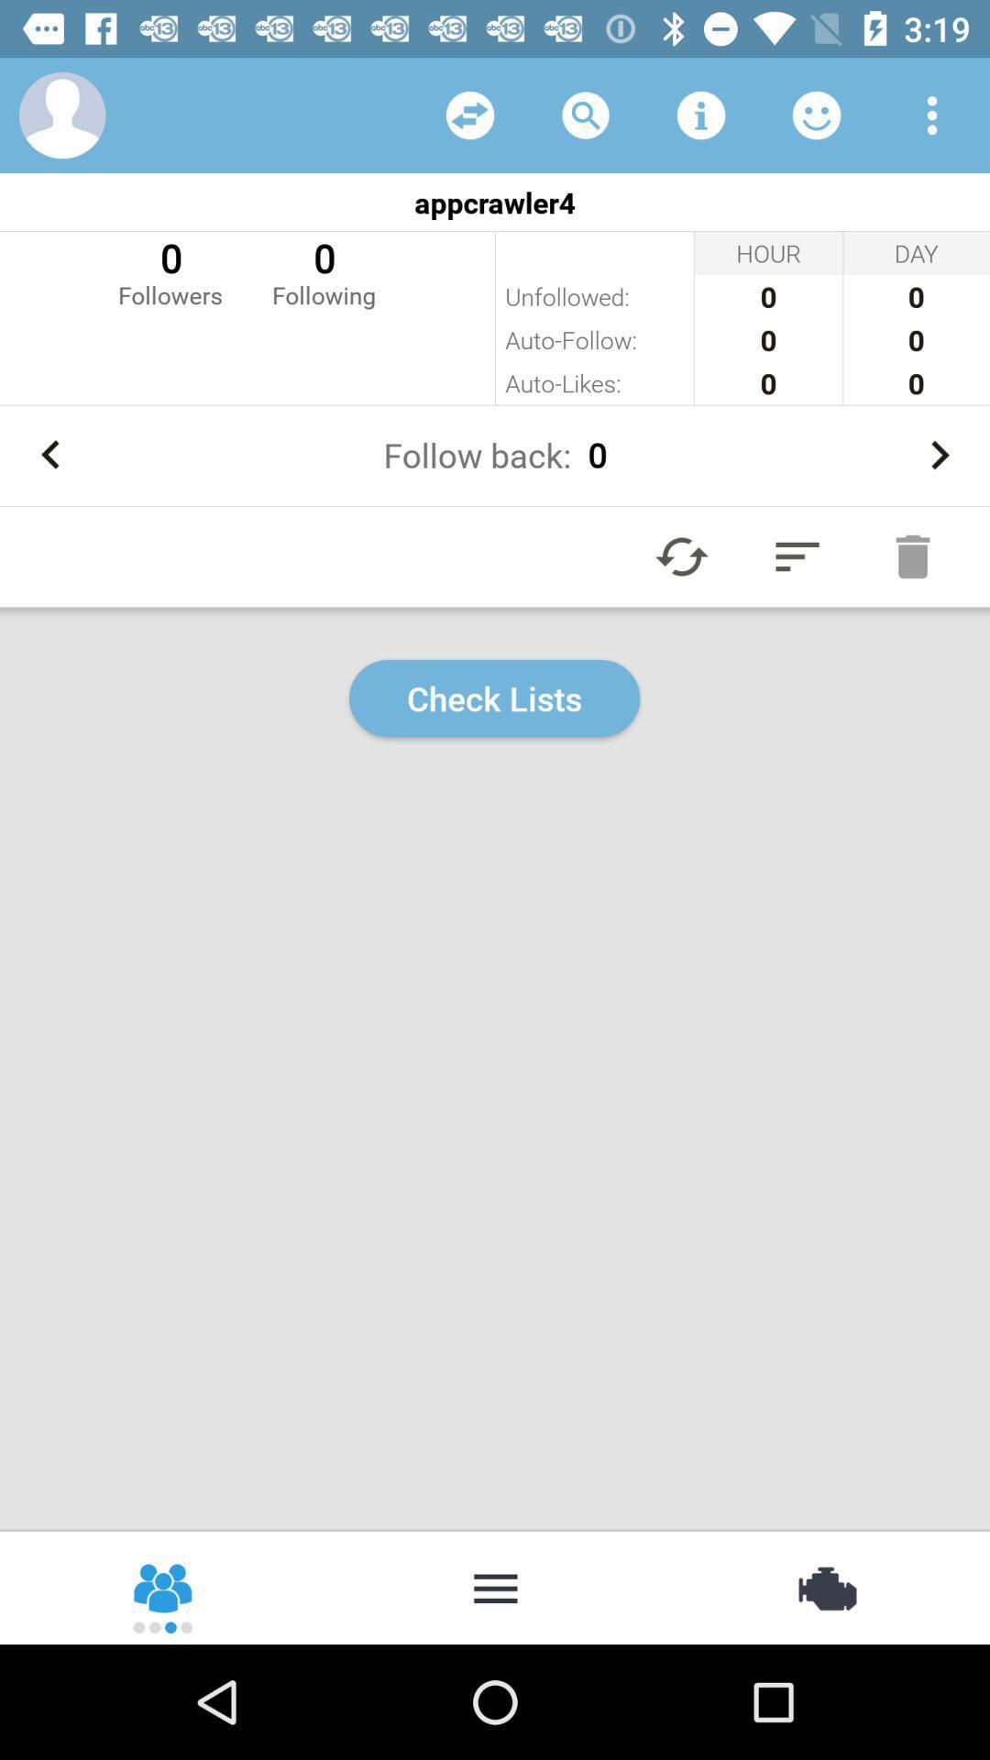 The image size is (990, 1760). Describe the element at coordinates (49, 455) in the screenshot. I see `the item next to follow back:  0` at that location.